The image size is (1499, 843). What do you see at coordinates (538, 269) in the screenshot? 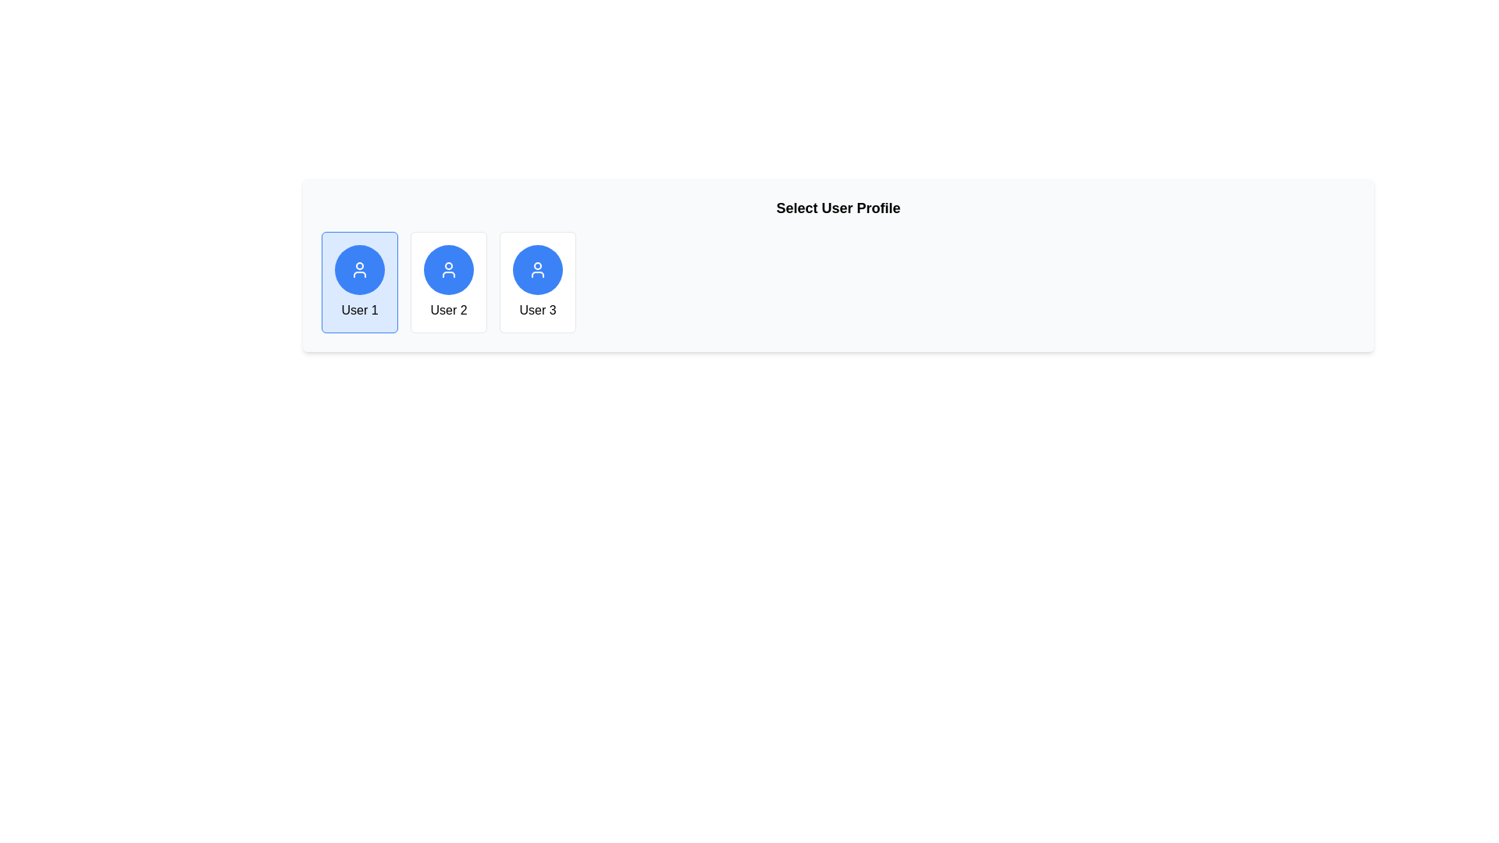
I see `the user profile icon representing 'User 1'` at bounding box center [538, 269].